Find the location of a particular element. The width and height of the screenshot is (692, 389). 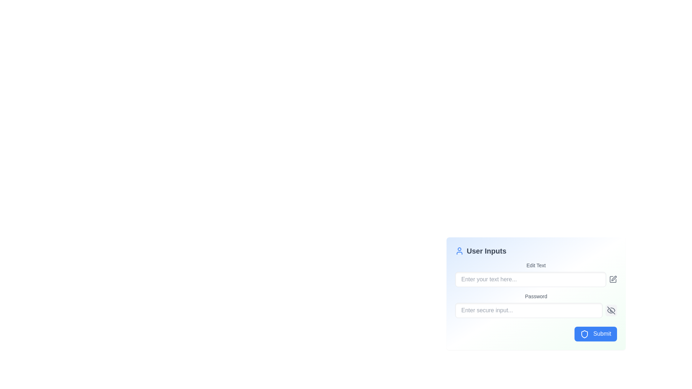

the 'Submit' button containing the decorative shield icon is located at coordinates (584, 334).